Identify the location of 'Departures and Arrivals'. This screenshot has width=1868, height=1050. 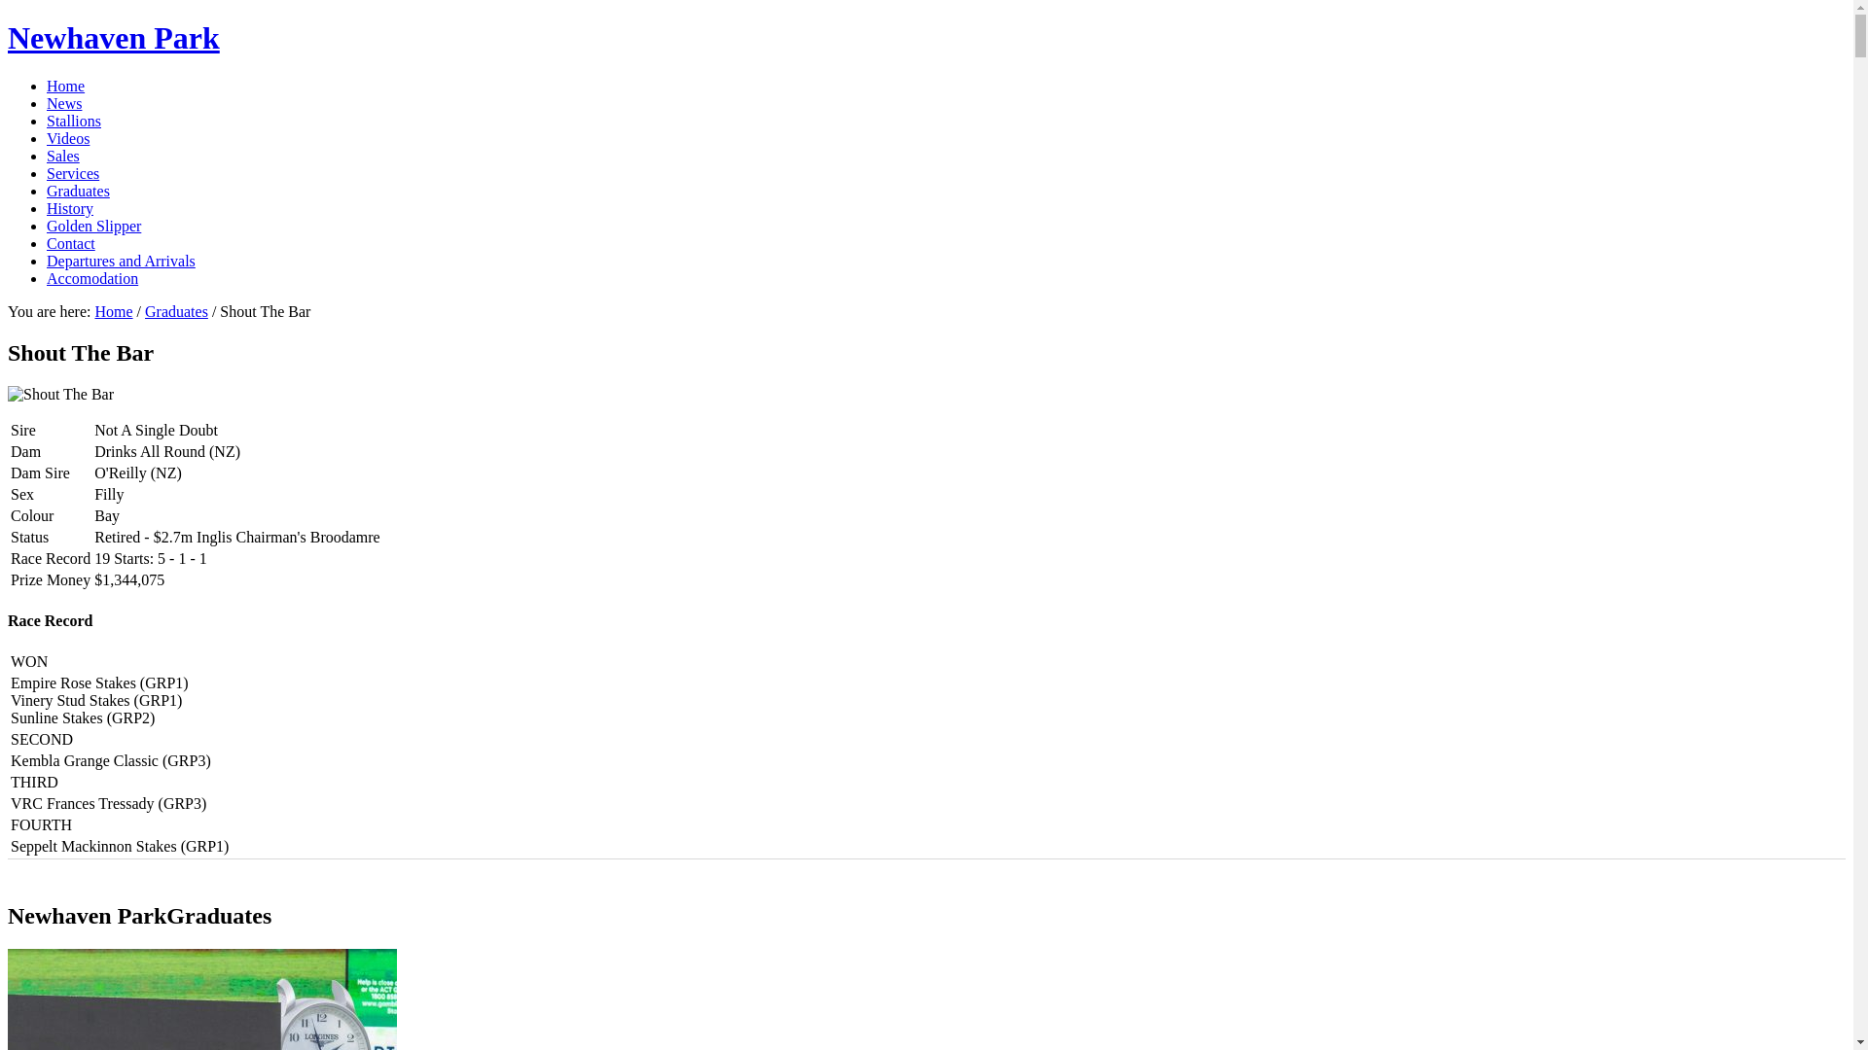
(120, 260).